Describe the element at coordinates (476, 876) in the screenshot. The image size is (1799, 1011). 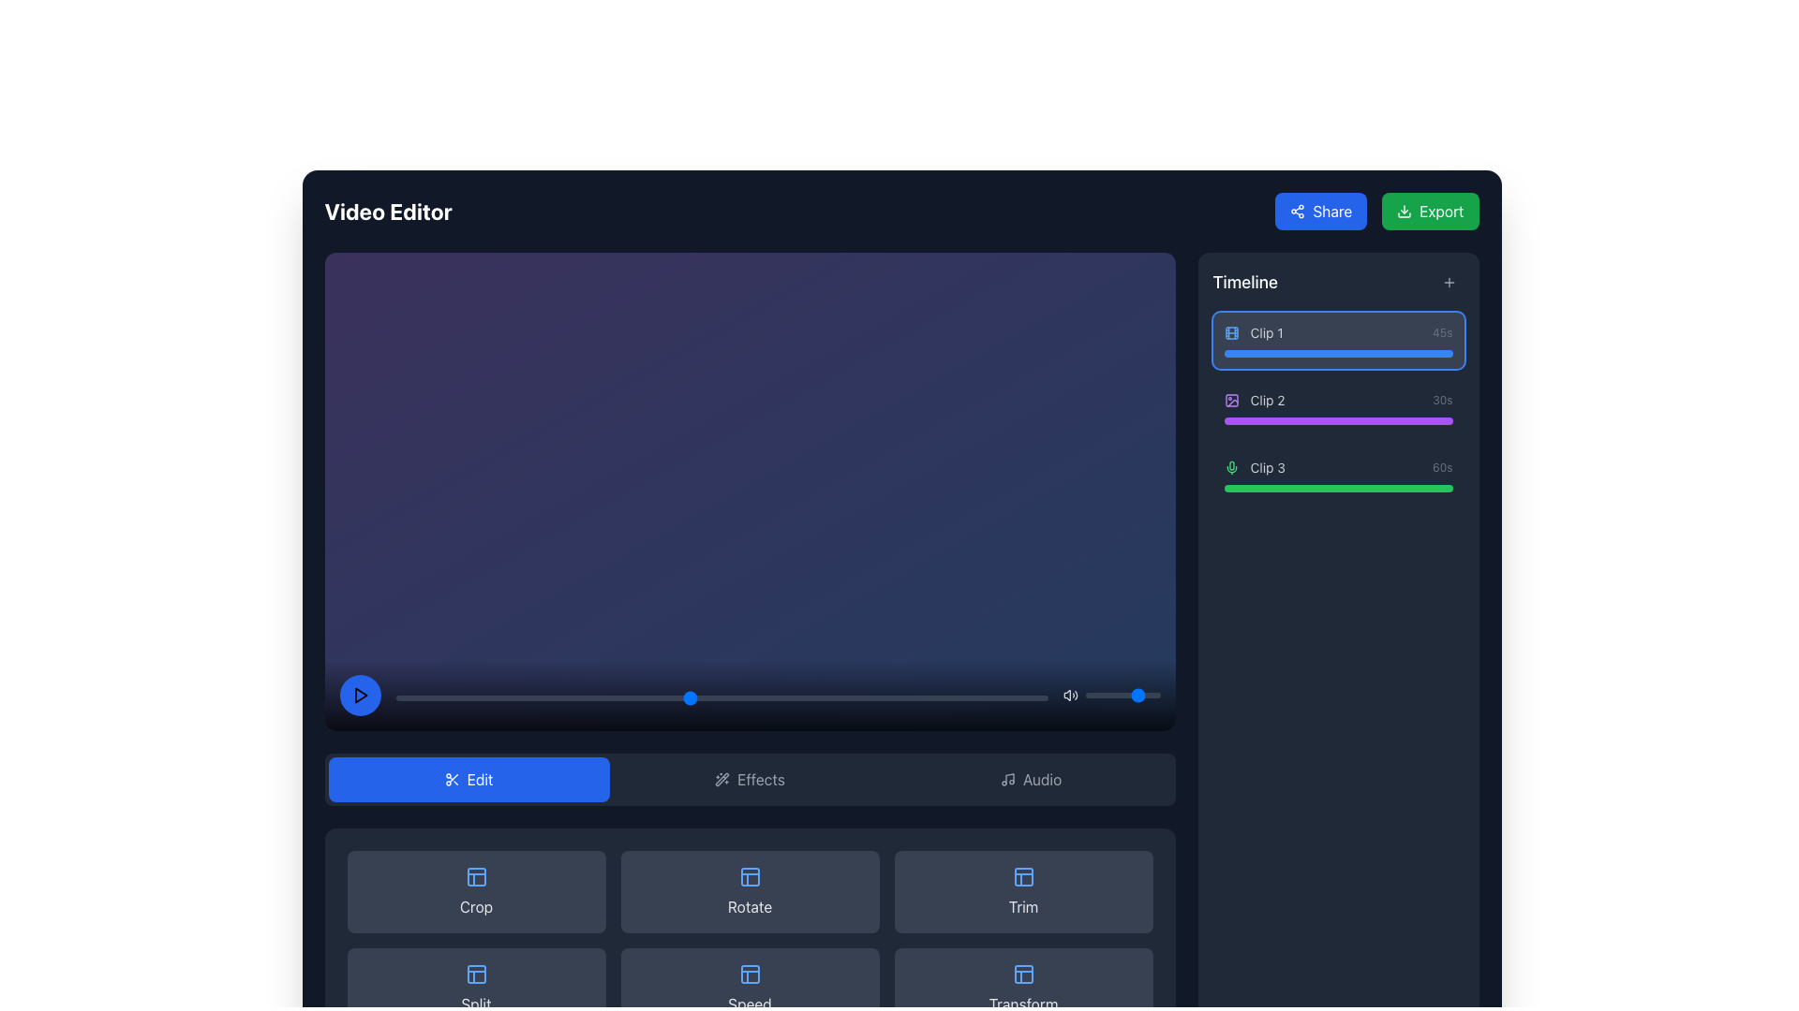
I see `SVG icon located in the top section of the 'Crop' button, which has a blue stroke and a round line cap, positioned slightly above the label text 'Crop'` at that location.